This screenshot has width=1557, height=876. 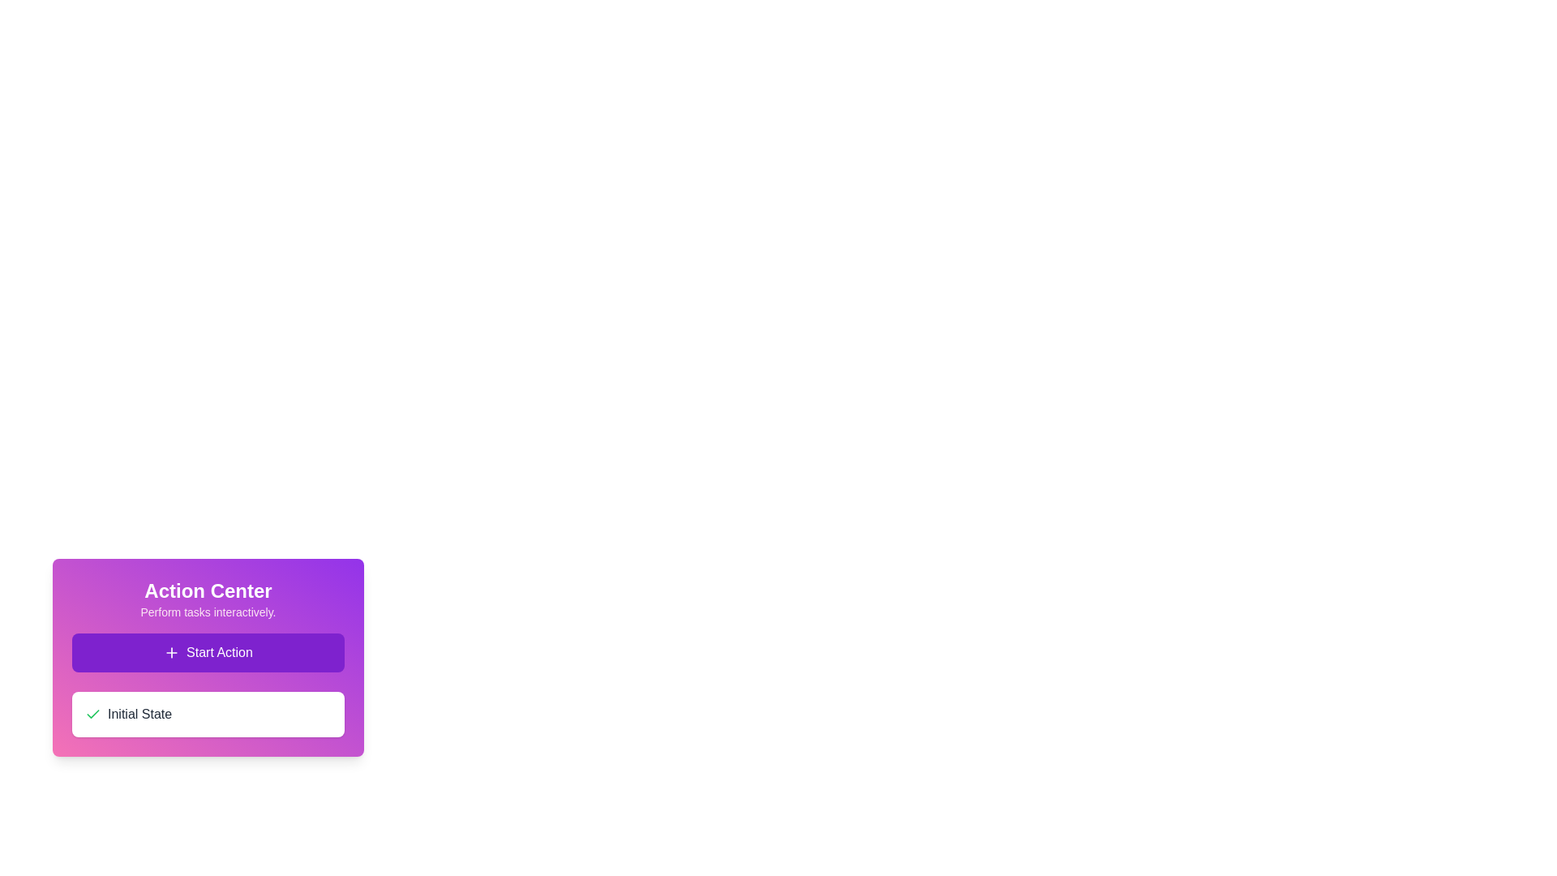 I want to click on the compact green outlined SVG checkmark icon that is positioned to the far left of the 'Initial State' text component, so click(x=92, y=713).